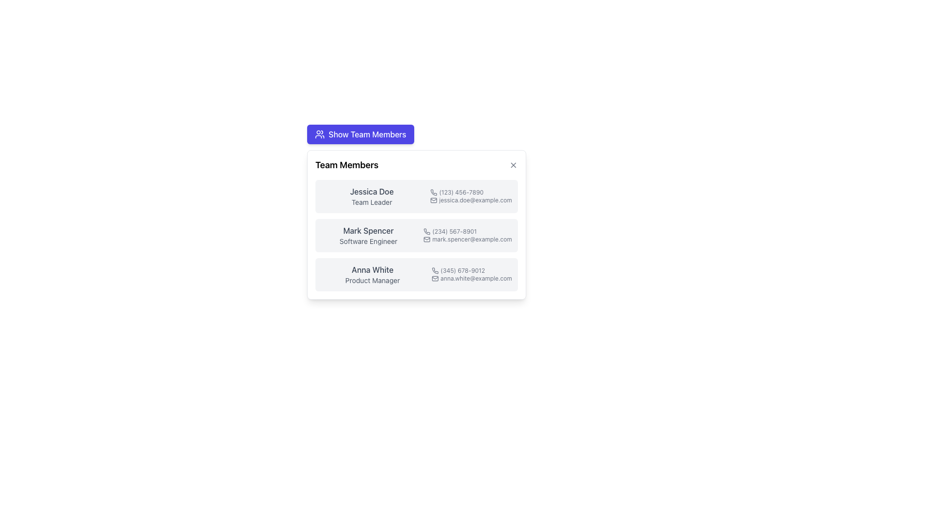  Describe the element at coordinates (471, 275) in the screenshot. I see `the email address in the Contact Information Section of Anna White's profile` at that location.